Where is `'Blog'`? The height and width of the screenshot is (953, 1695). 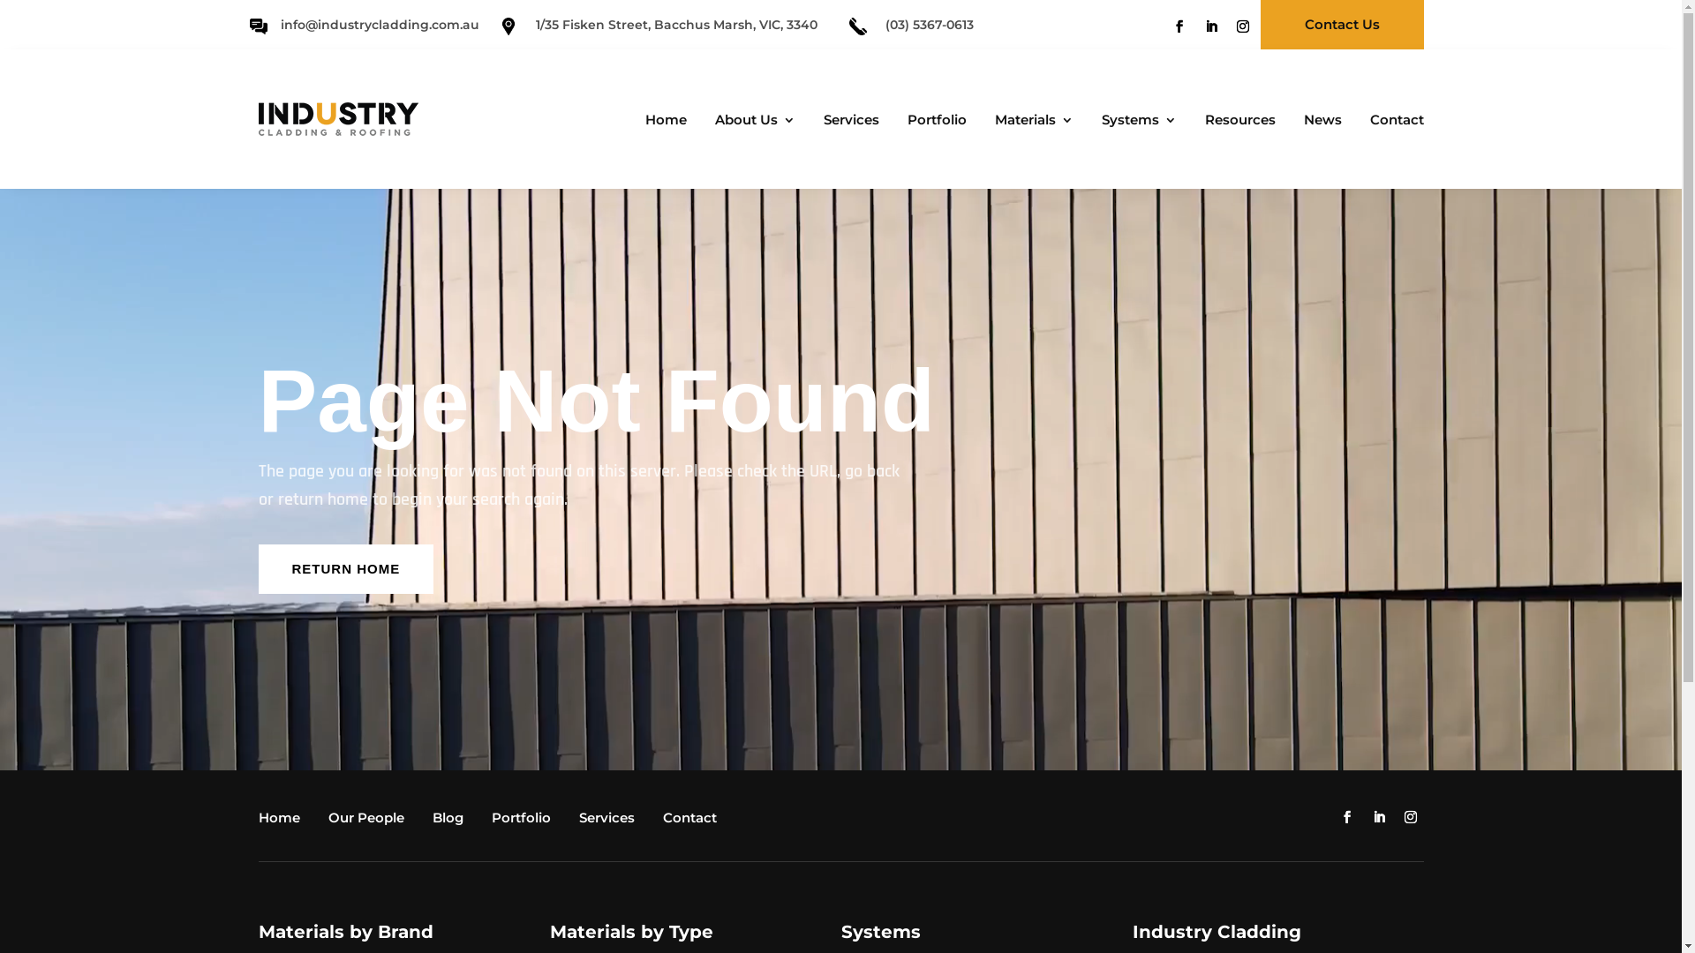
'Blog' is located at coordinates (432, 821).